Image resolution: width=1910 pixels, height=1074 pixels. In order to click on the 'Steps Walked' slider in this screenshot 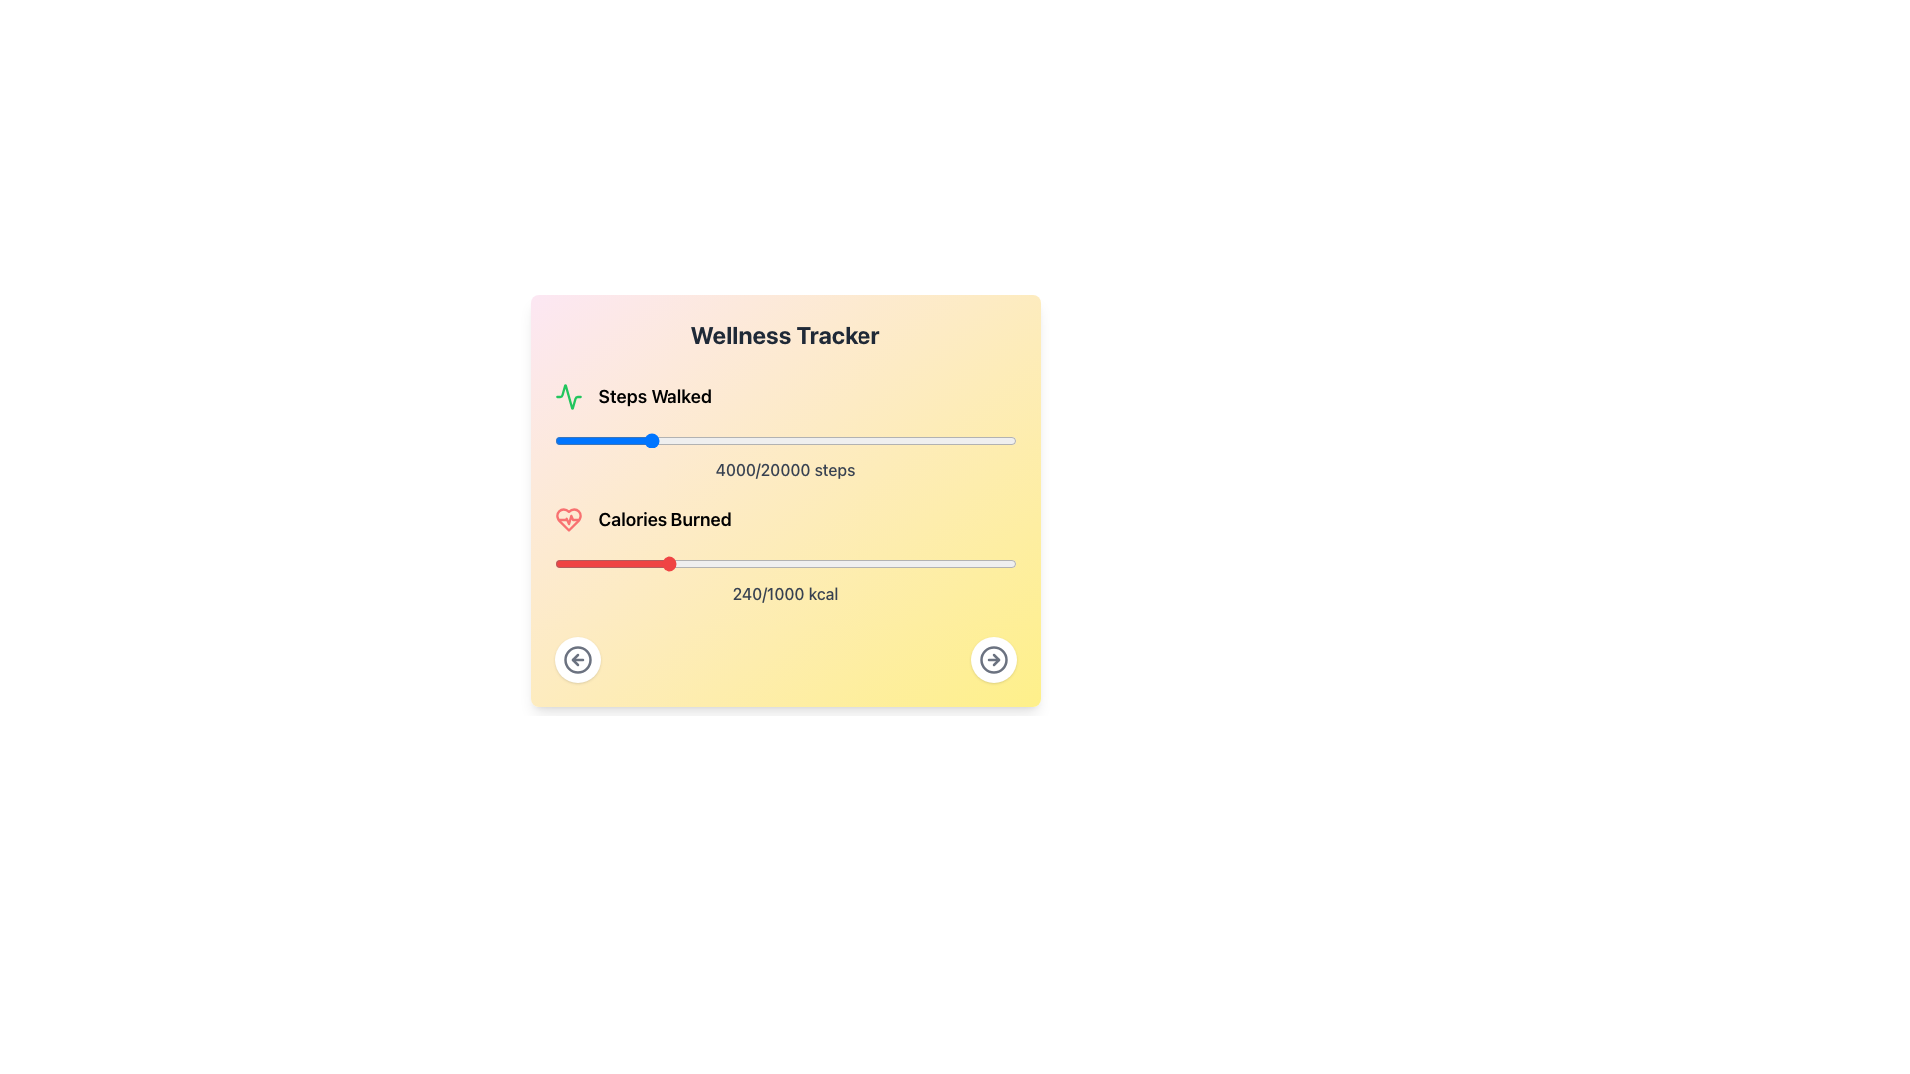, I will do `click(1008, 440)`.